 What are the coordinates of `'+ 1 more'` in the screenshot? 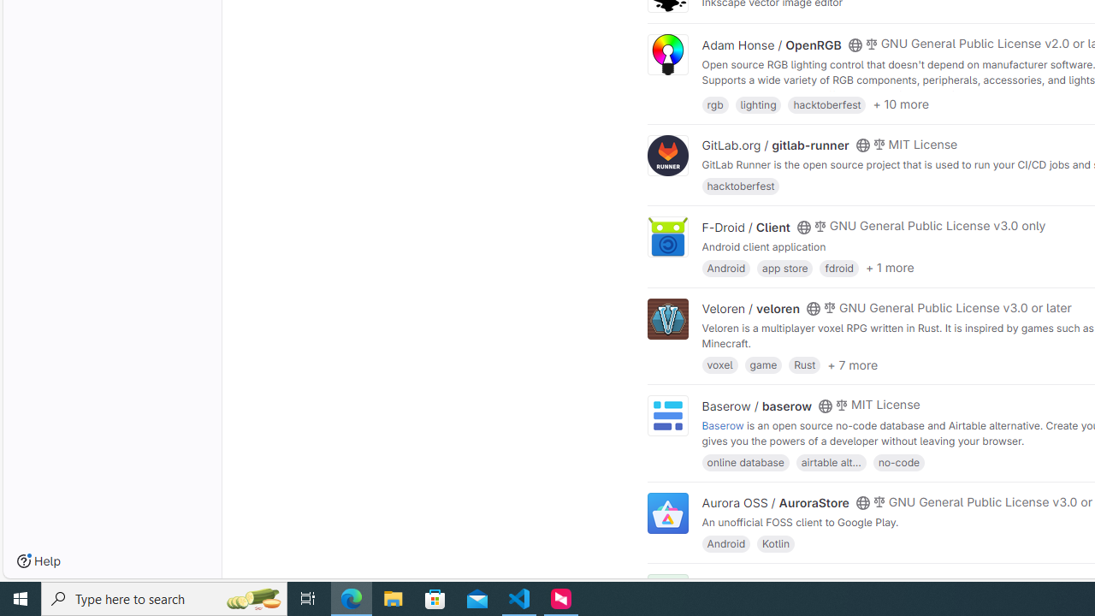 It's located at (890, 268).